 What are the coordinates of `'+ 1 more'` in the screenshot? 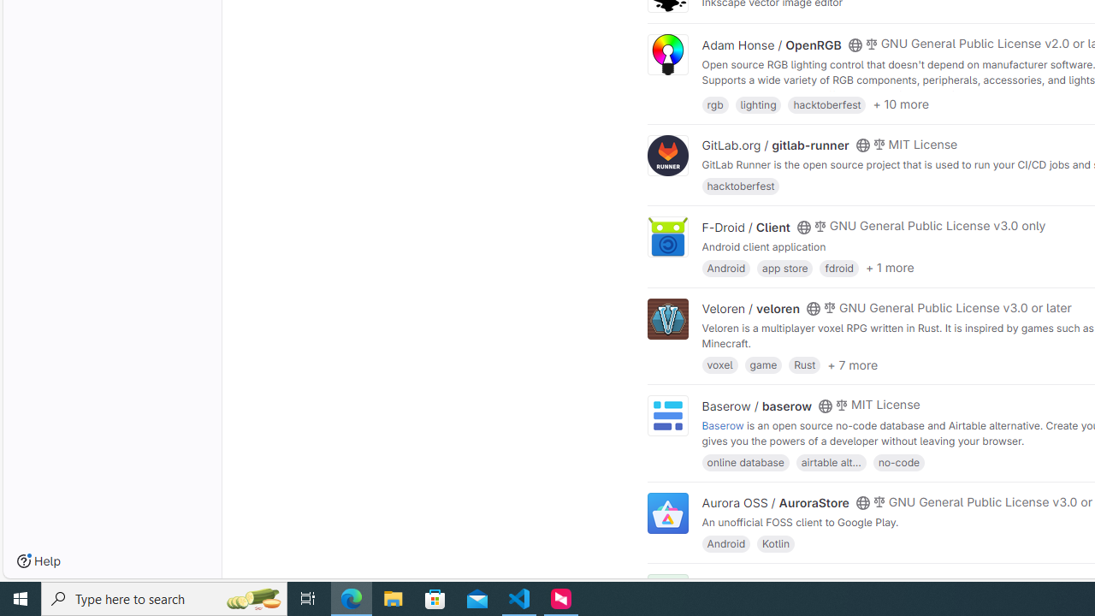 It's located at (890, 268).